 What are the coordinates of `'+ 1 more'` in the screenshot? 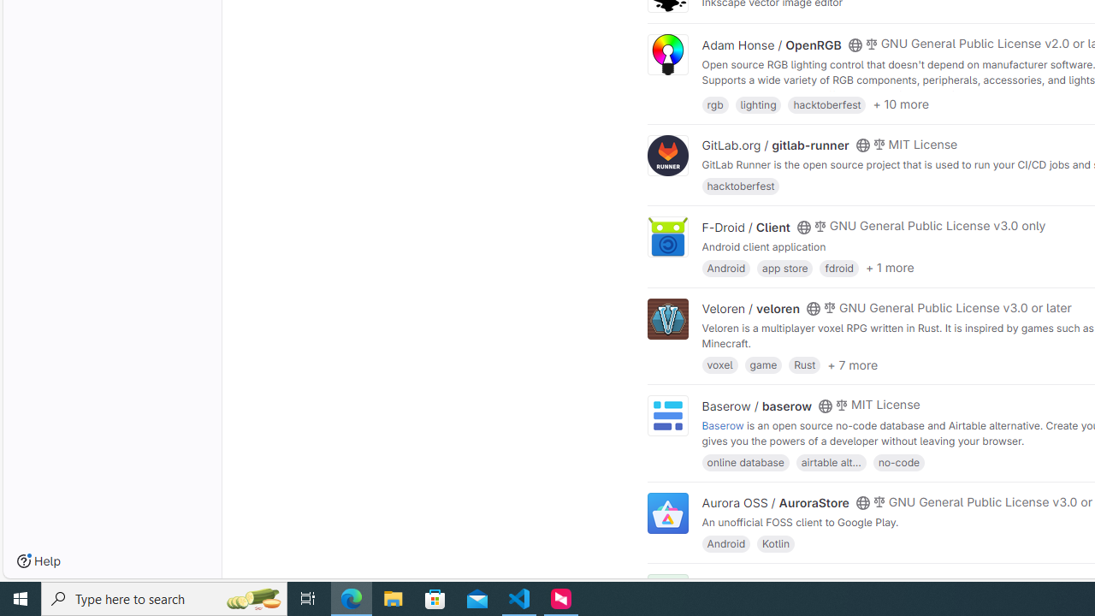 It's located at (890, 268).